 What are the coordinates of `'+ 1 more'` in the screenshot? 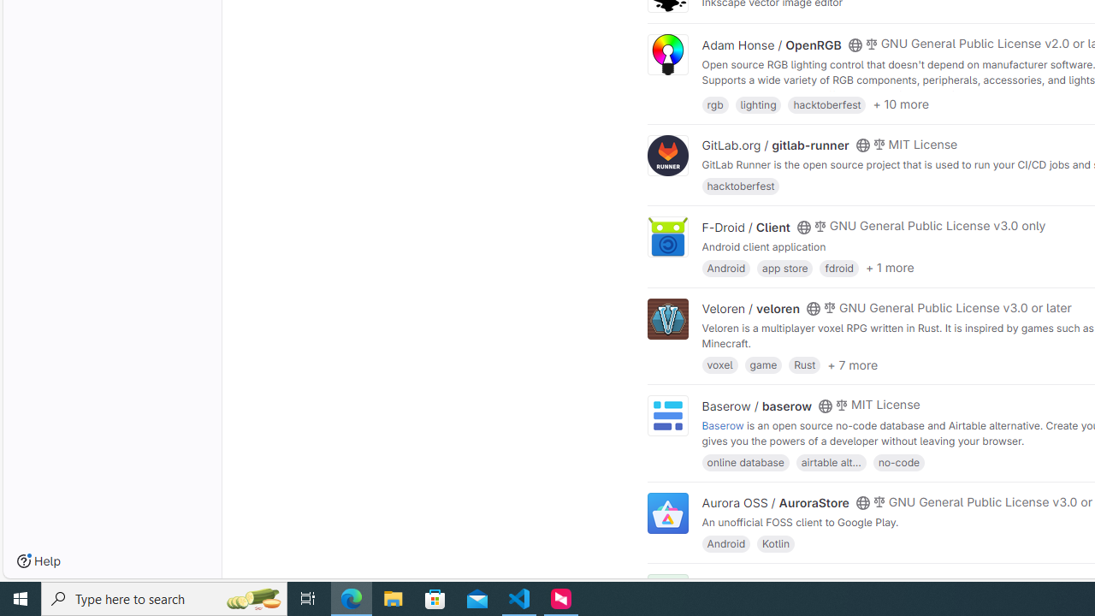 It's located at (890, 268).